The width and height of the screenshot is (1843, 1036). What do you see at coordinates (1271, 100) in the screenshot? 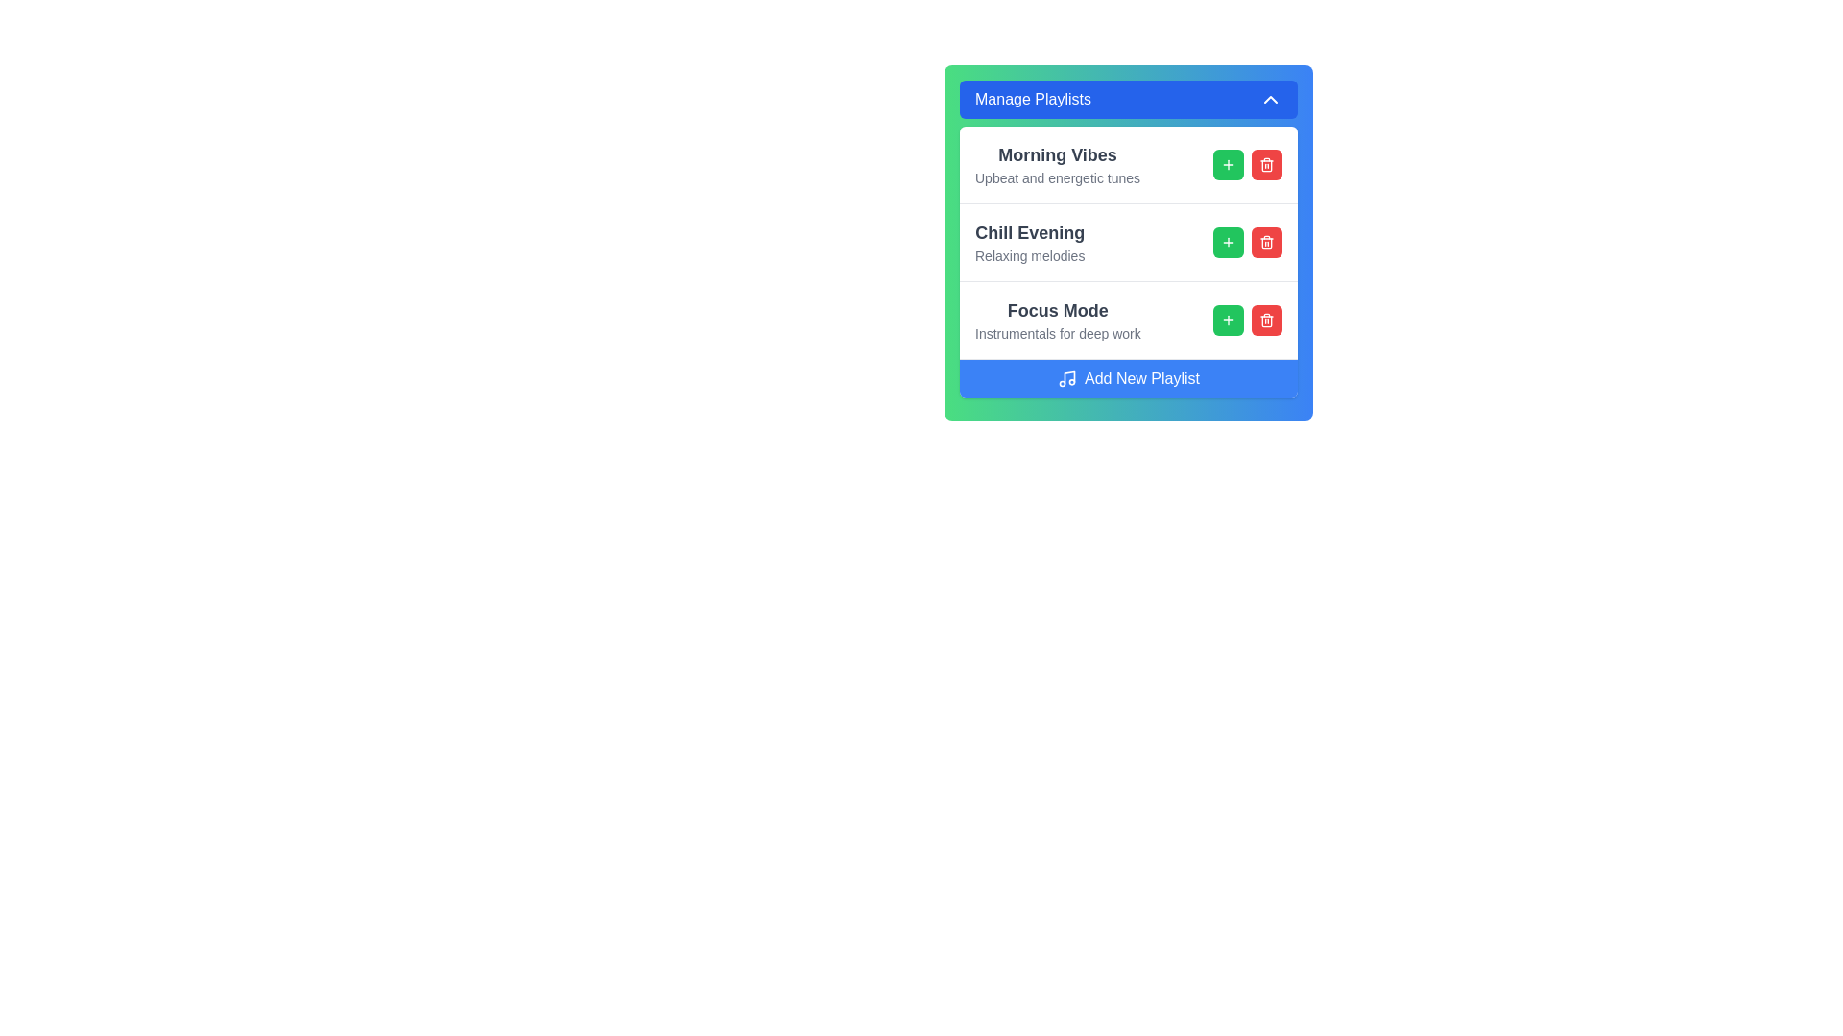
I see `the Chevron Up icon located in the top-right corner of the 'Manage Playlists' header` at bounding box center [1271, 100].